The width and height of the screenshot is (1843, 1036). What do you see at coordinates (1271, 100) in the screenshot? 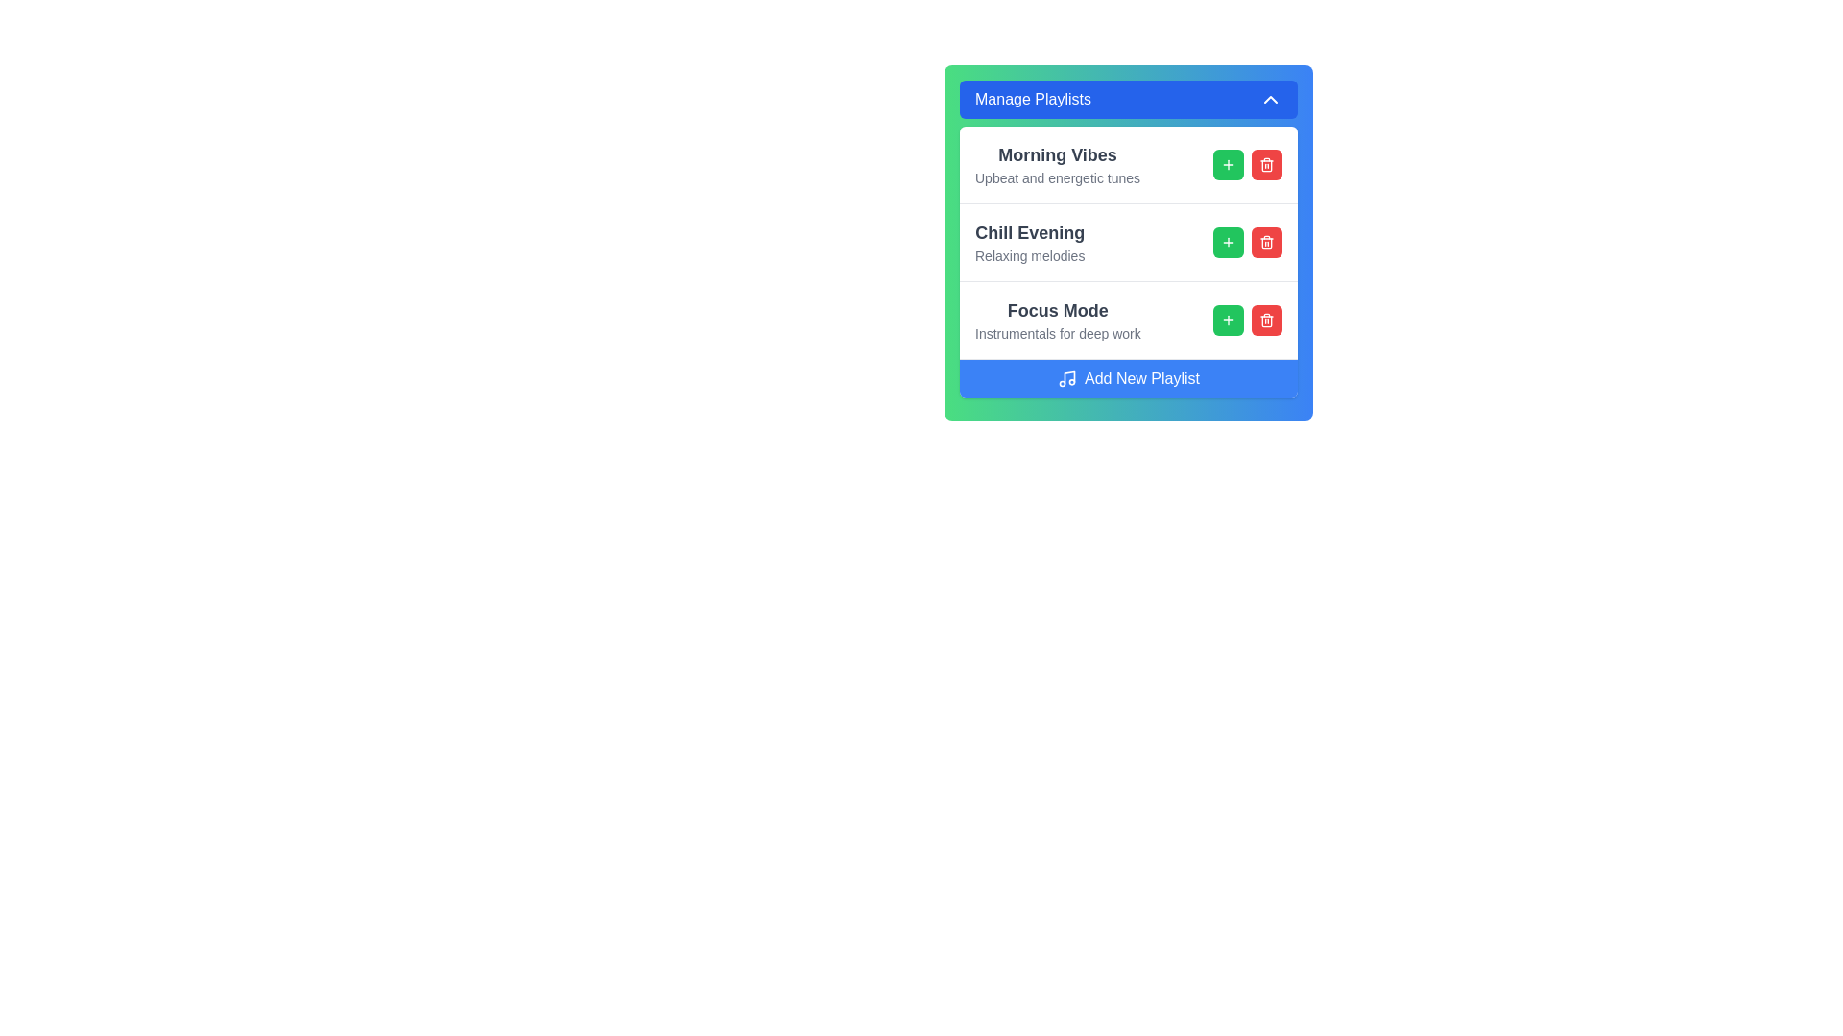
I see `the Chevron Up icon located in the top-right corner of the 'Manage Playlists' header` at bounding box center [1271, 100].